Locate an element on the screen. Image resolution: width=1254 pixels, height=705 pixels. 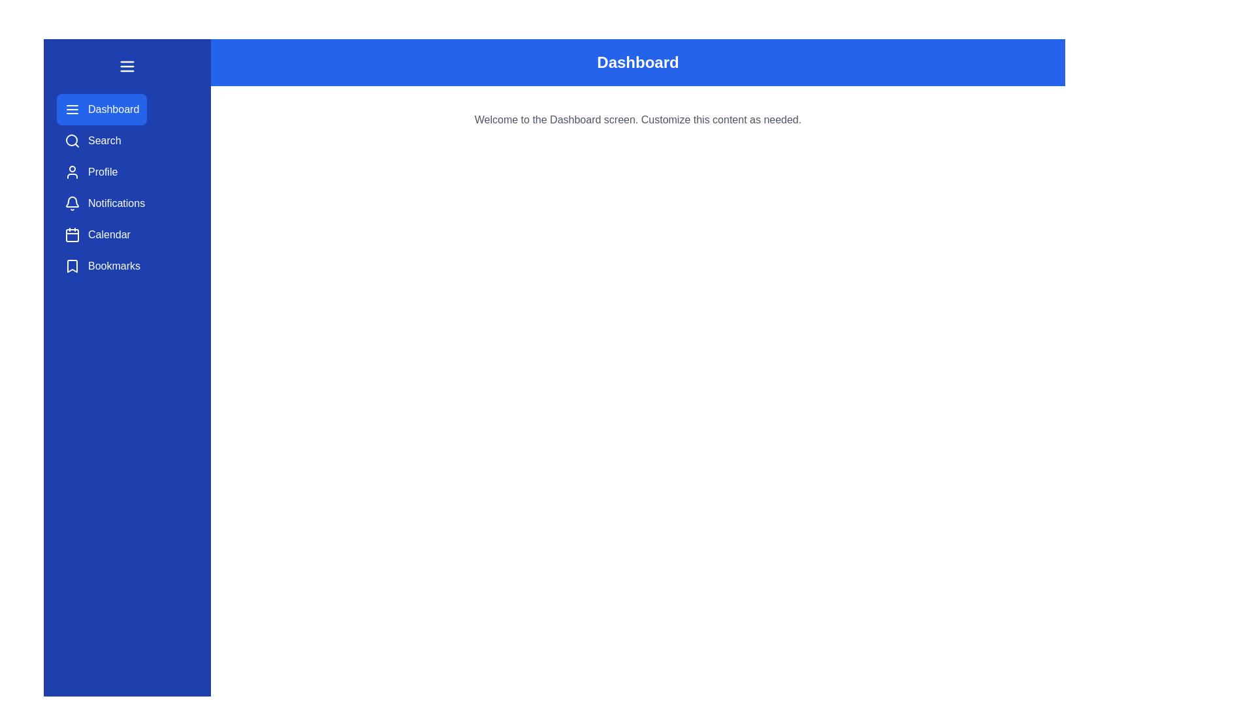
the bell-shaped notification icon located in the sidebar menu, which has a blue background and is positioned to the left of the 'Notifications' text label is located at coordinates (71, 204).